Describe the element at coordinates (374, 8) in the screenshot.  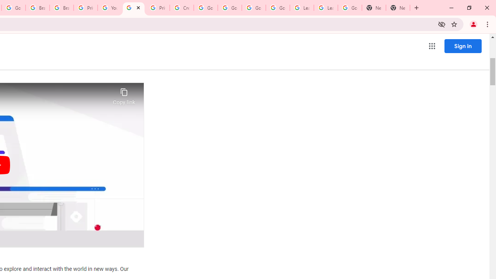
I see `'New Tab'` at that location.